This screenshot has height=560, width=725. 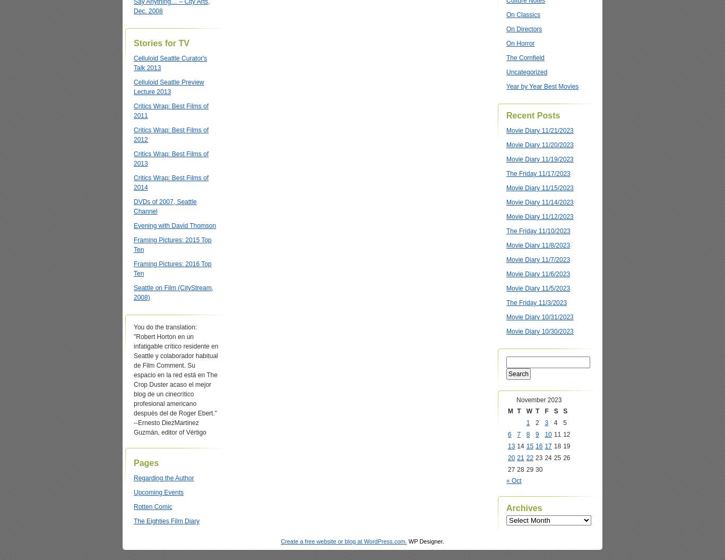 What do you see at coordinates (134, 158) in the screenshot?
I see `'Critics Wrap: Best Films of 2013'` at bounding box center [134, 158].